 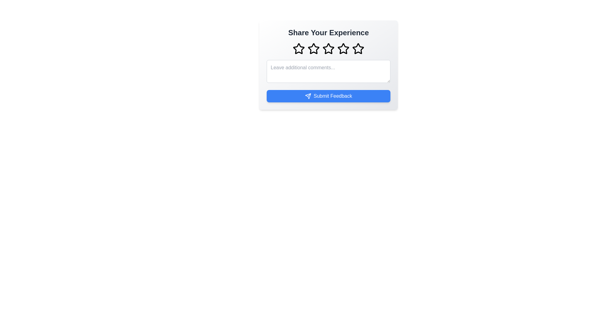 I want to click on the fifth star-shaped icon in the feedback rating interface to rate it, so click(x=358, y=49).